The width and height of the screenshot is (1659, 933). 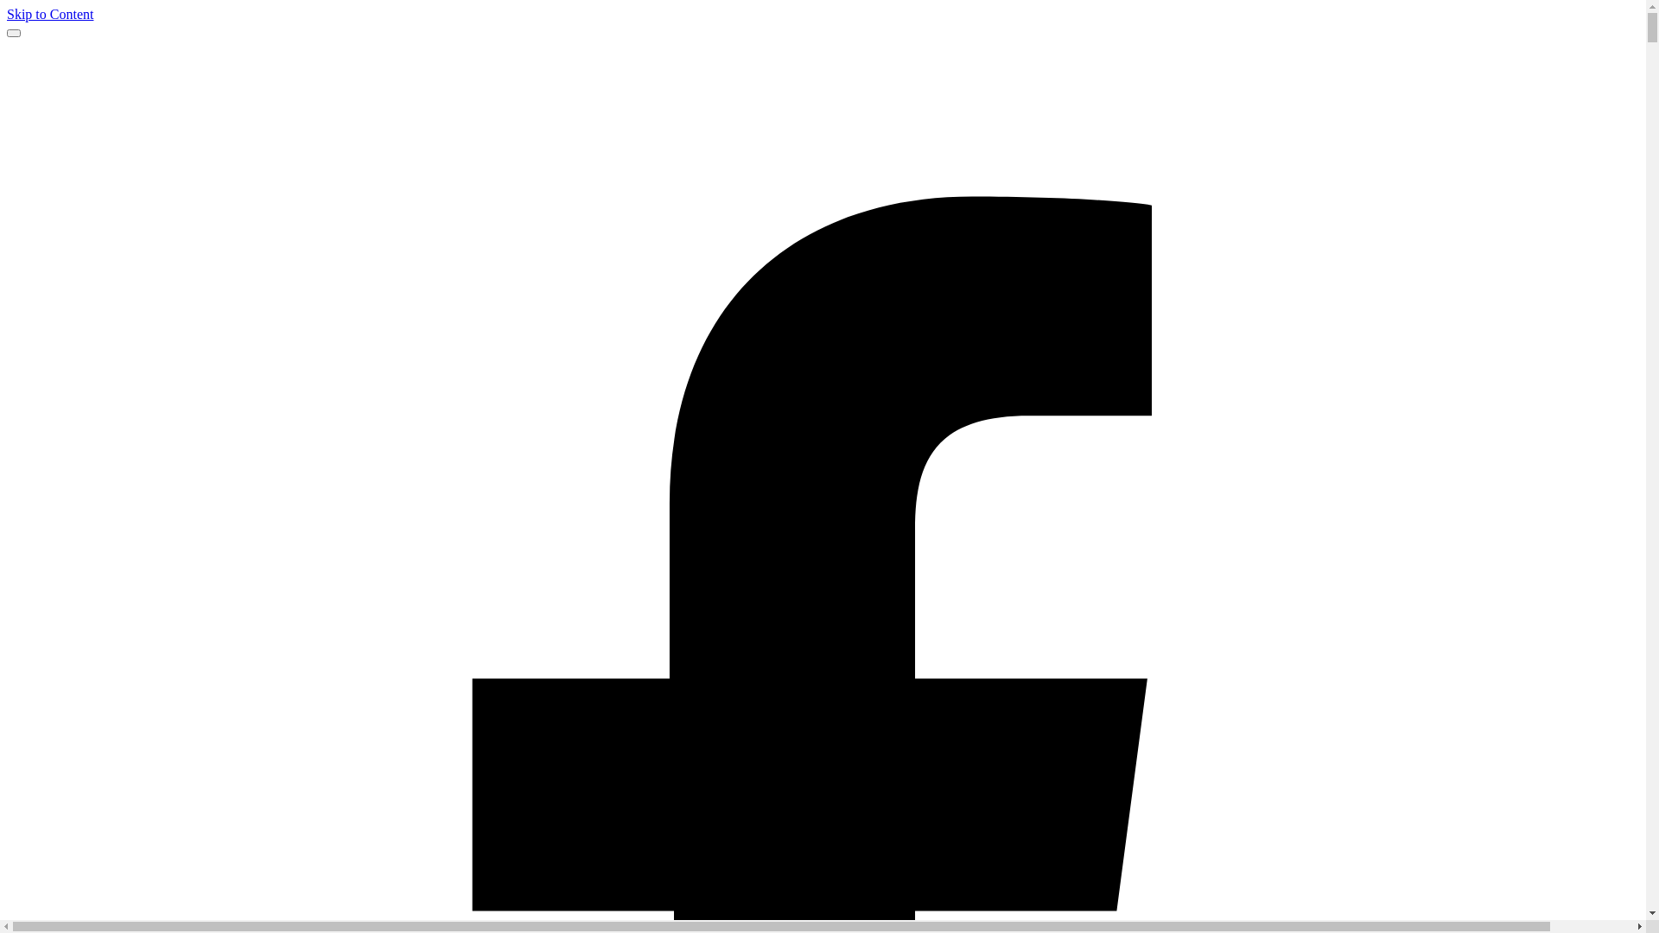 What do you see at coordinates (7, 14) in the screenshot?
I see `'Skip to Content'` at bounding box center [7, 14].